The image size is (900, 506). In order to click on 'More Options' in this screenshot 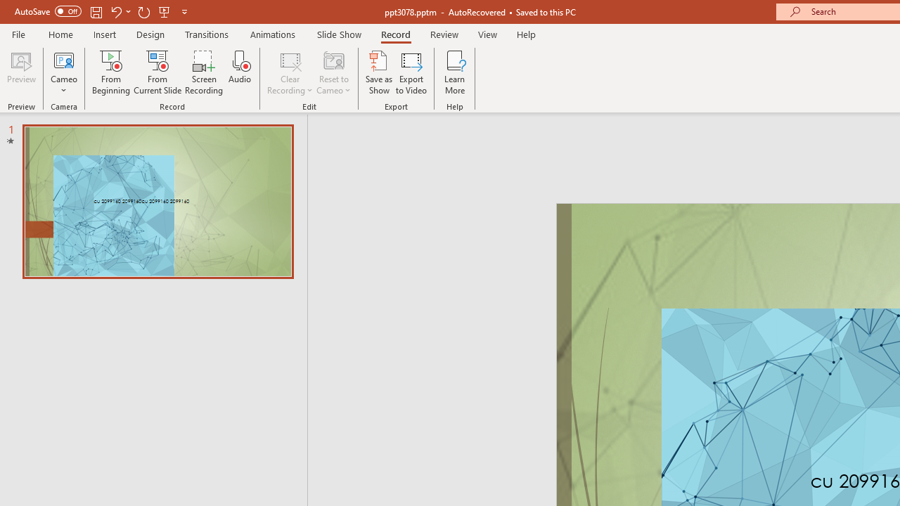, I will do `click(63, 85)`.